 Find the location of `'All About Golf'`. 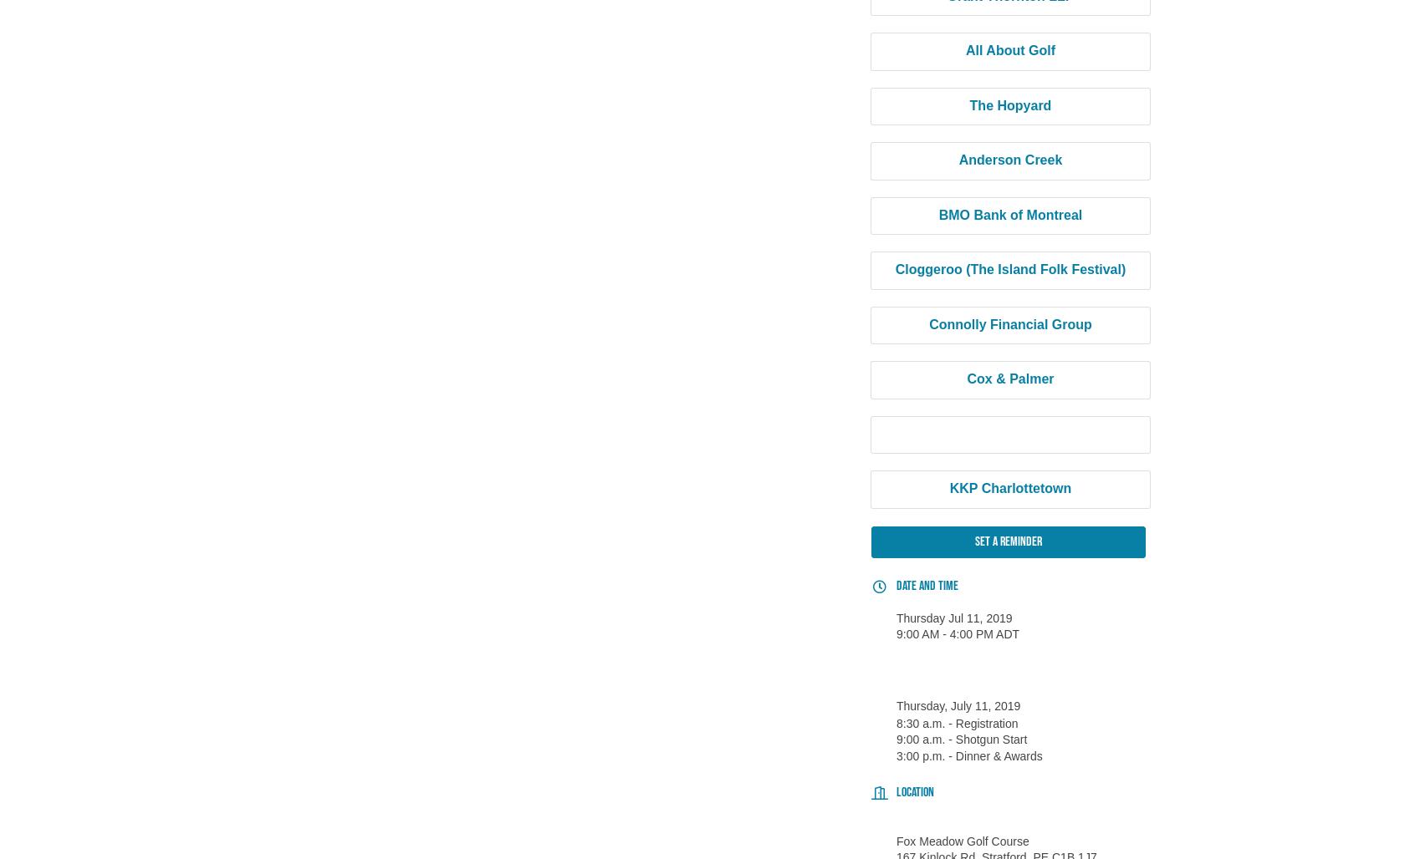

'All About Golf' is located at coordinates (1009, 50).